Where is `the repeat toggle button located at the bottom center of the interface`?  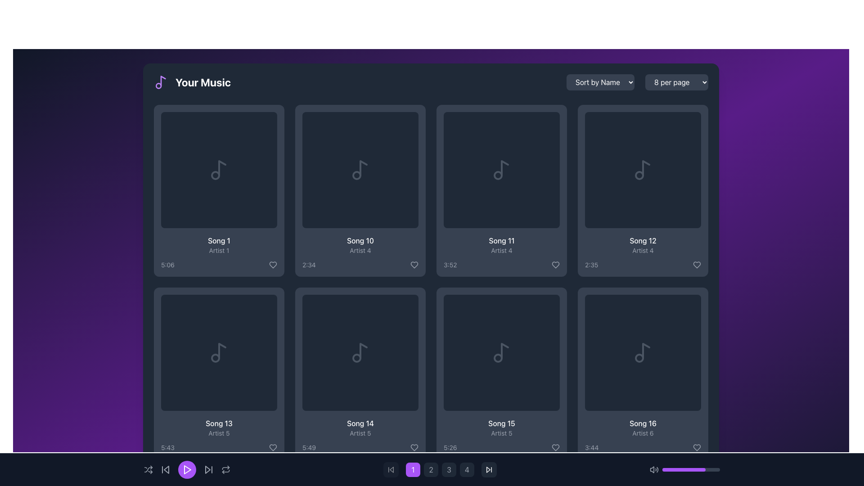
the repeat toggle button located at the bottom center of the interface is located at coordinates (226, 469).